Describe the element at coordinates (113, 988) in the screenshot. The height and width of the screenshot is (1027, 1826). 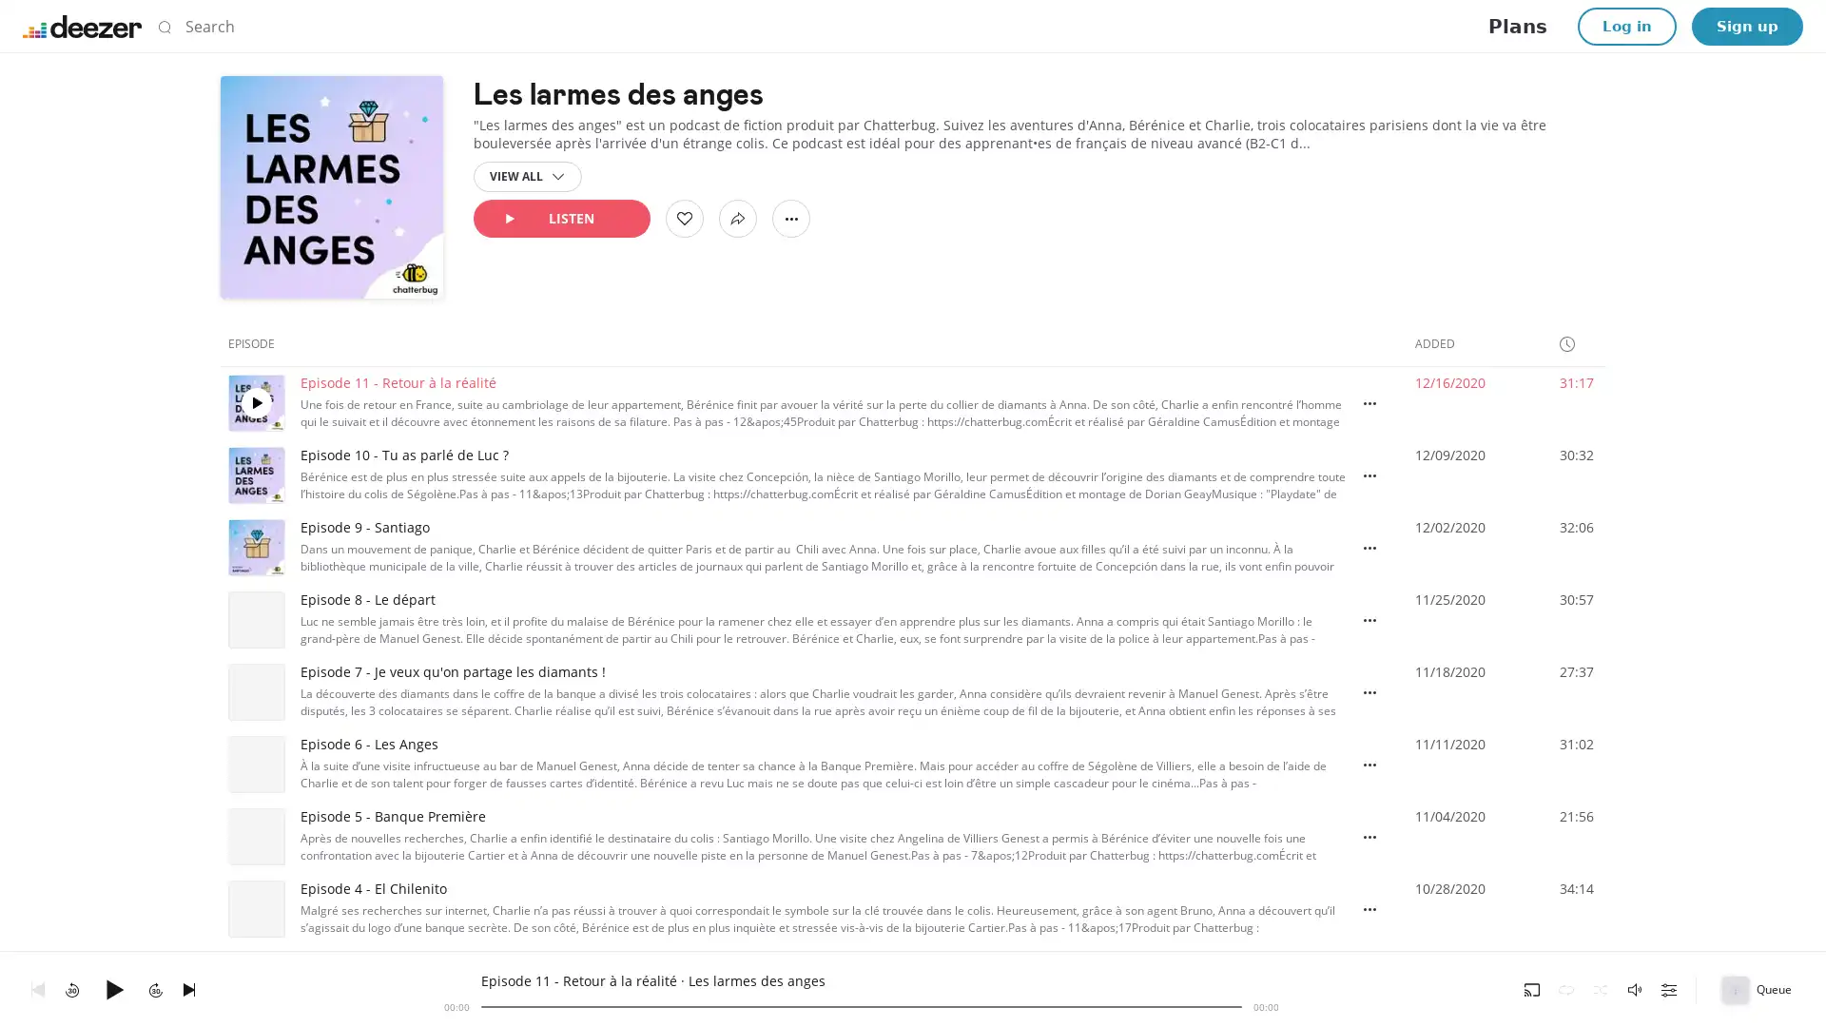
I see `Play` at that location.